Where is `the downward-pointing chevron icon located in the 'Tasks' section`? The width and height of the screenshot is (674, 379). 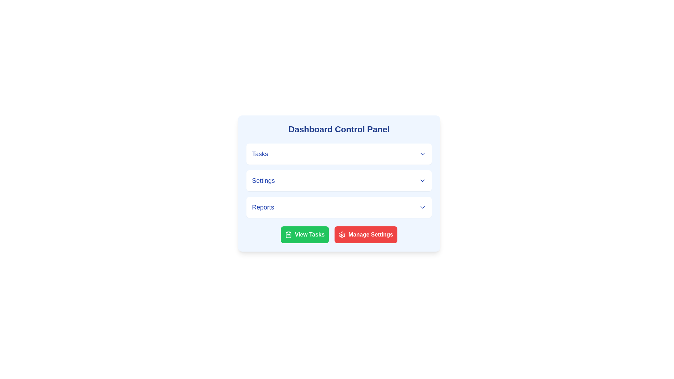 the downward-pointing chevron icon located in the 'Tasks' section is located at coordinates (422, 154).